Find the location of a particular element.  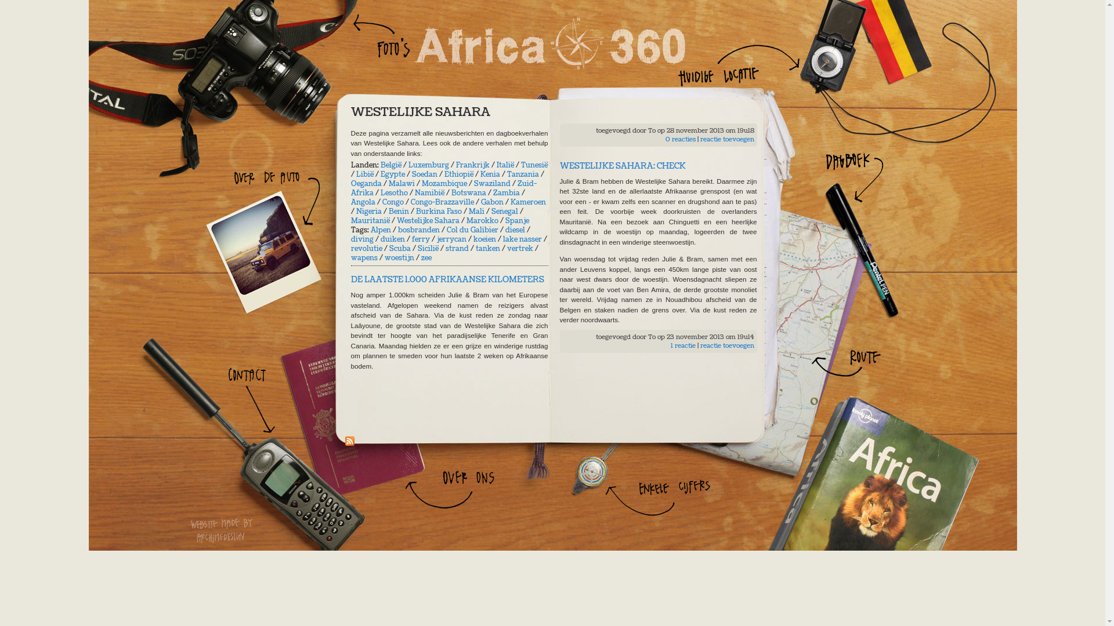

'Soedan' is located at coordinates (424, 174).